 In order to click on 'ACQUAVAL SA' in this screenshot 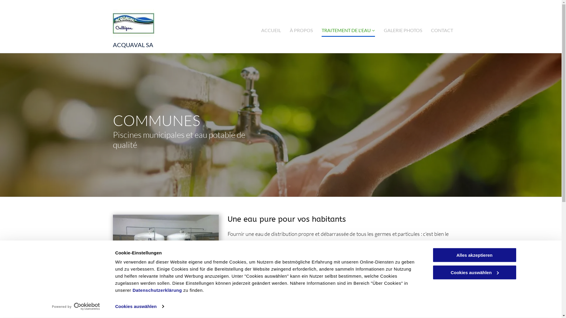, I will do `click(132, 44)`.